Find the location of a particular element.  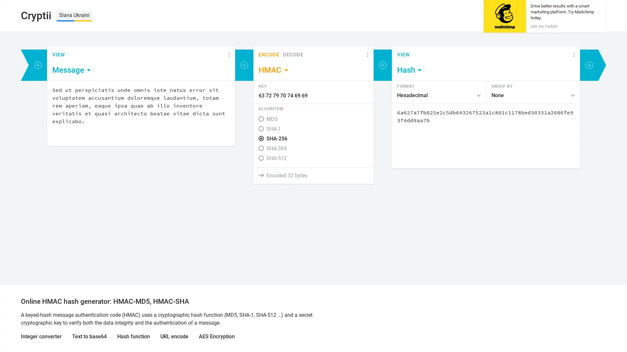

Add encoder or viewer is located at coordinates (244, 65).